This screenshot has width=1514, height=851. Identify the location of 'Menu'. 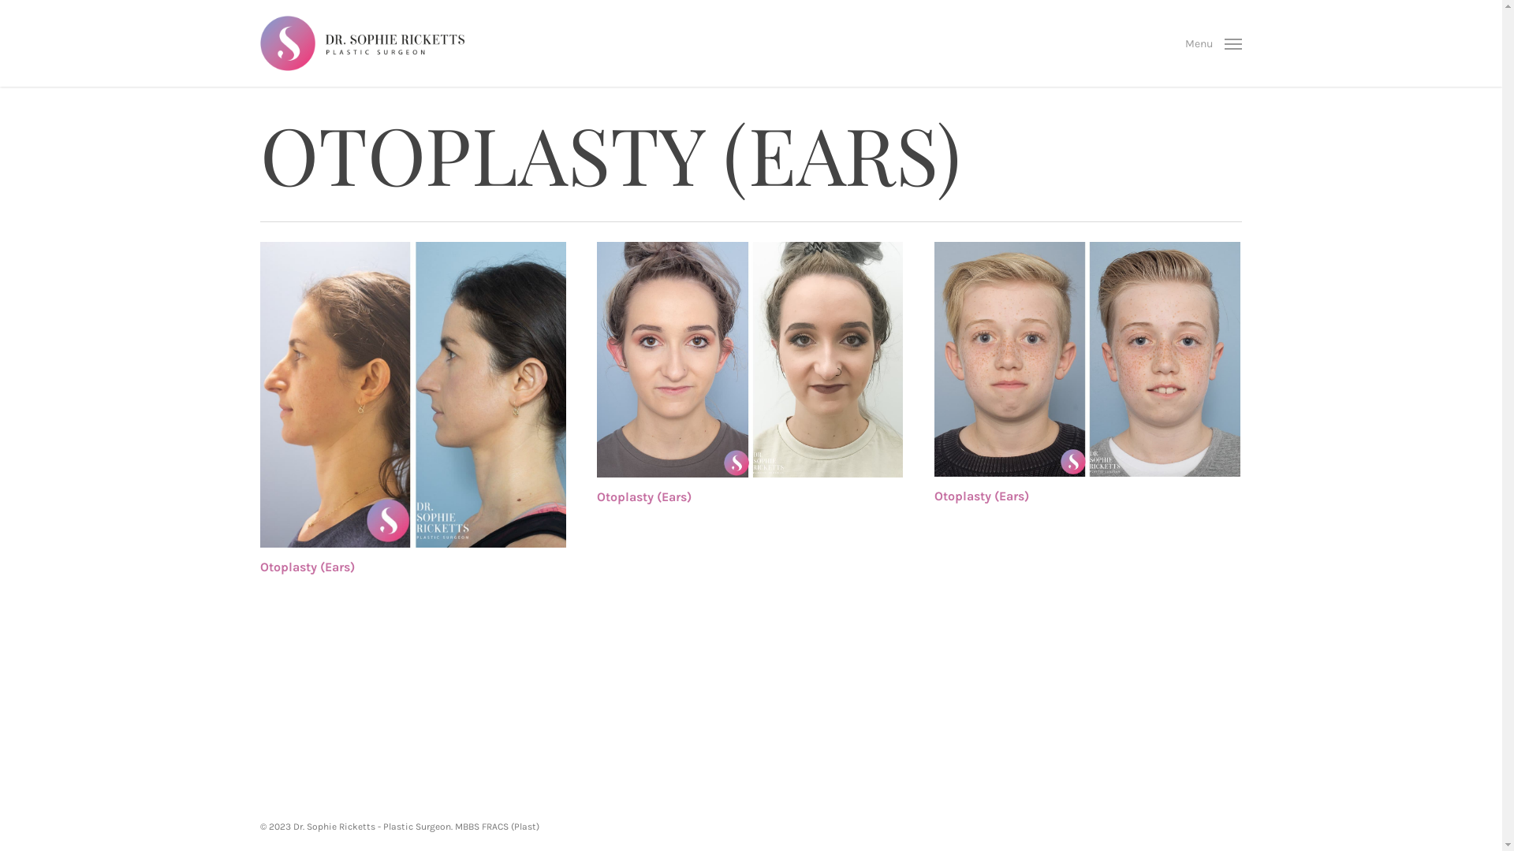
(1213, 42).